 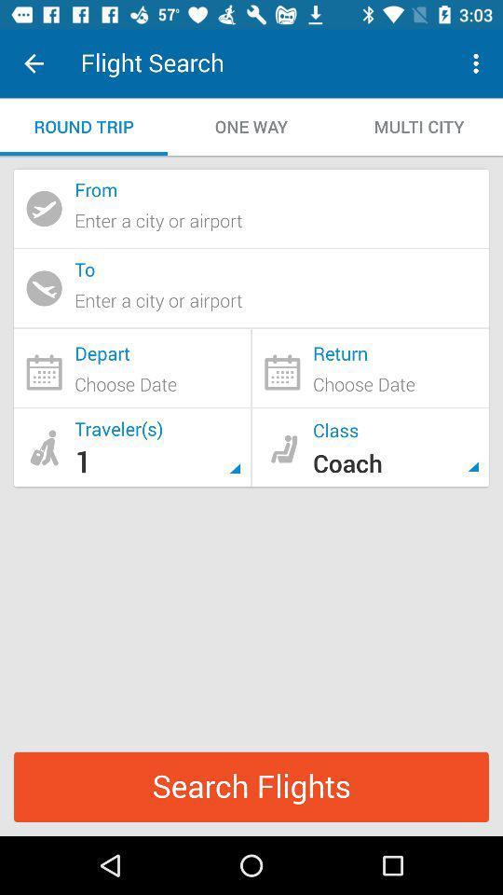 I want to click on the item to the right of round trip icon, so click(x=251, y=126).